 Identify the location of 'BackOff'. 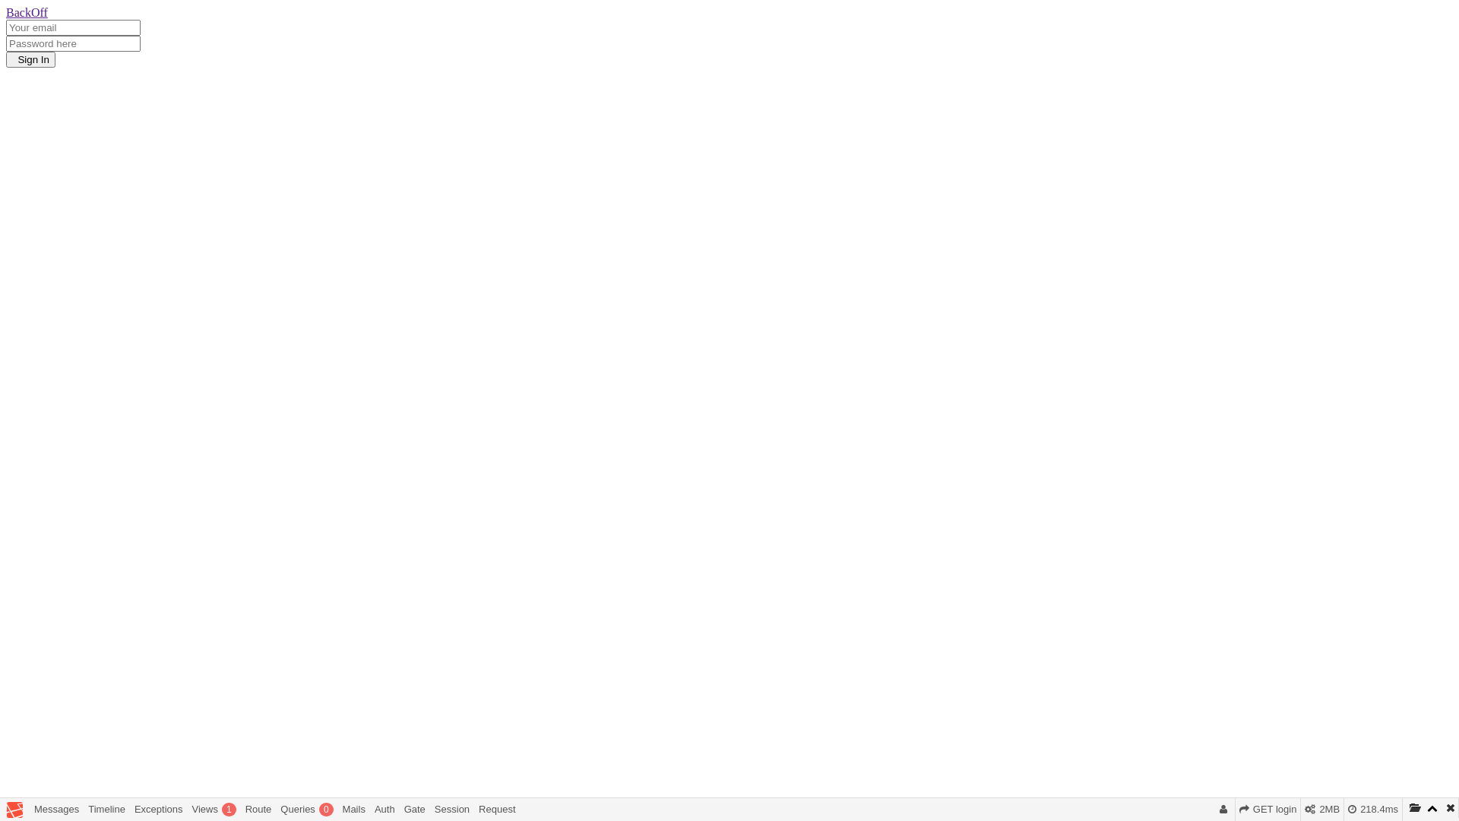
(27, 12).